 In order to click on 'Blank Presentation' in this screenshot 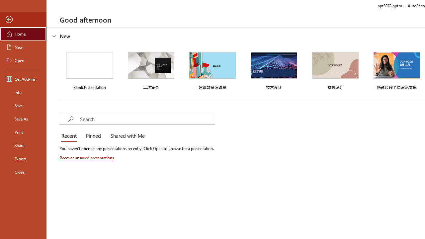, I will do `click(89, 70)`.